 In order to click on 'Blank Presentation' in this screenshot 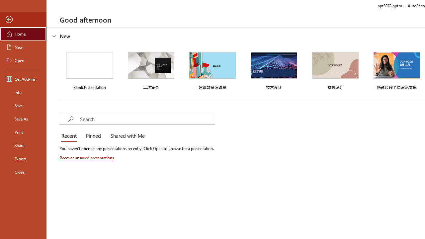, I will do `click(89, 70)`.